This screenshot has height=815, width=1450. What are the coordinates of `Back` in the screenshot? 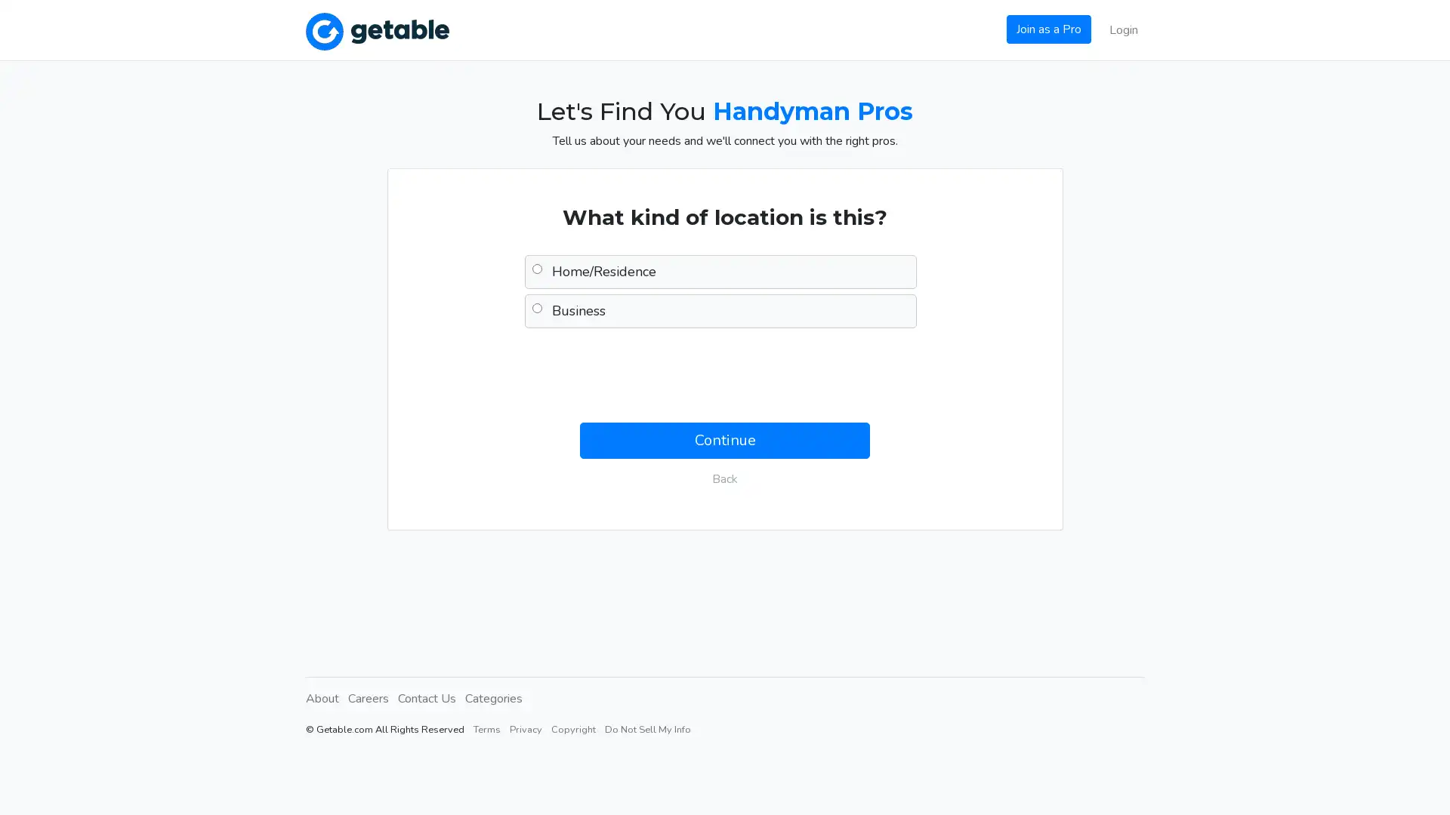 It's located at (723, 479).